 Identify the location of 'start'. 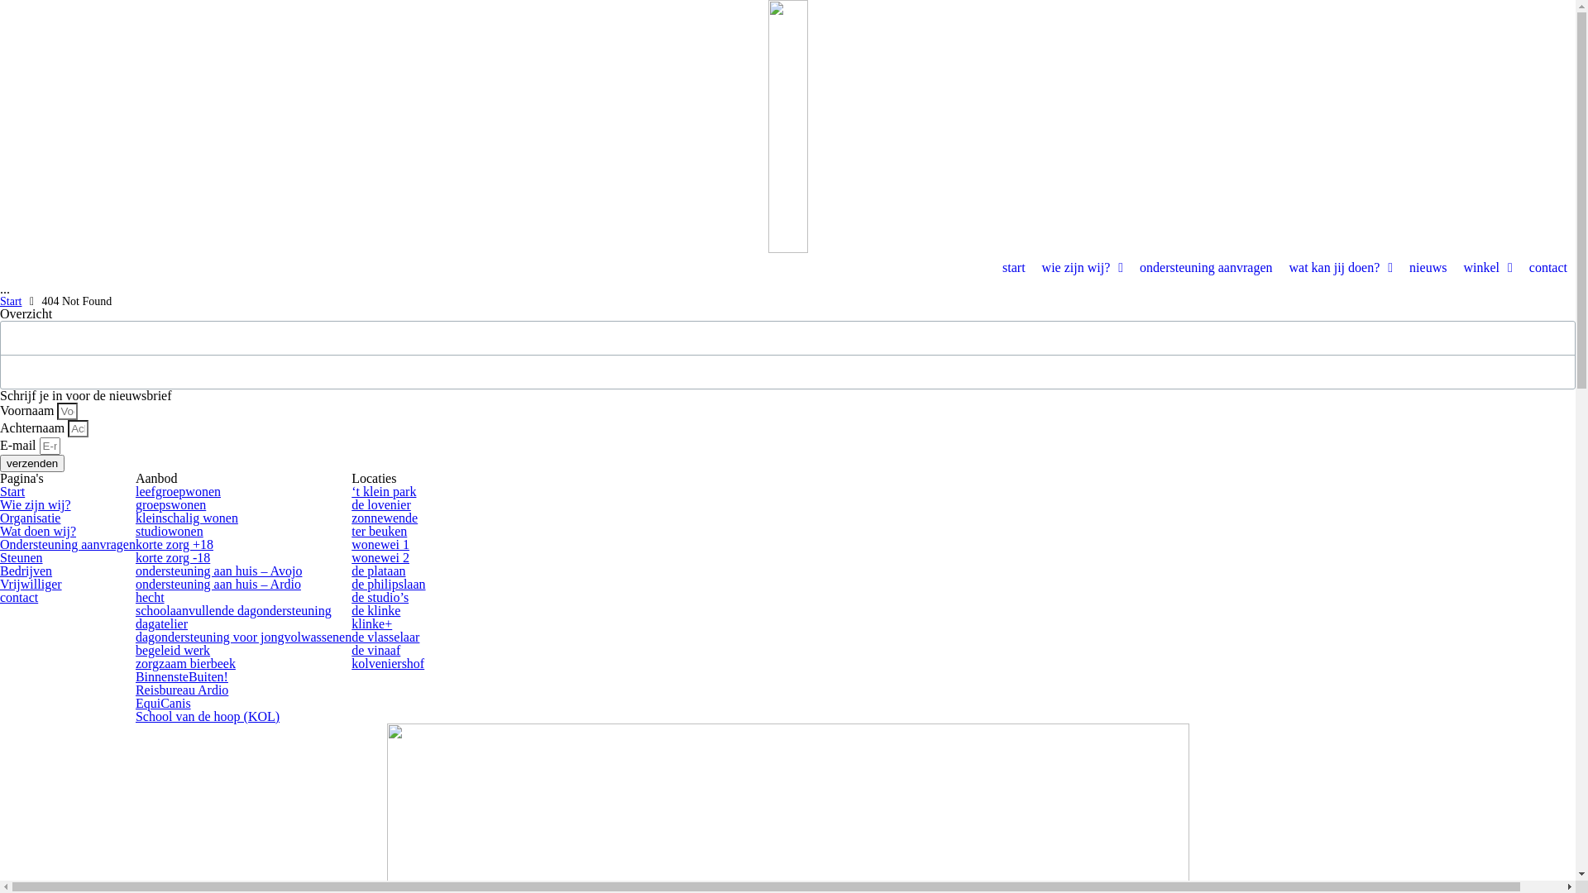
(1012, 267).